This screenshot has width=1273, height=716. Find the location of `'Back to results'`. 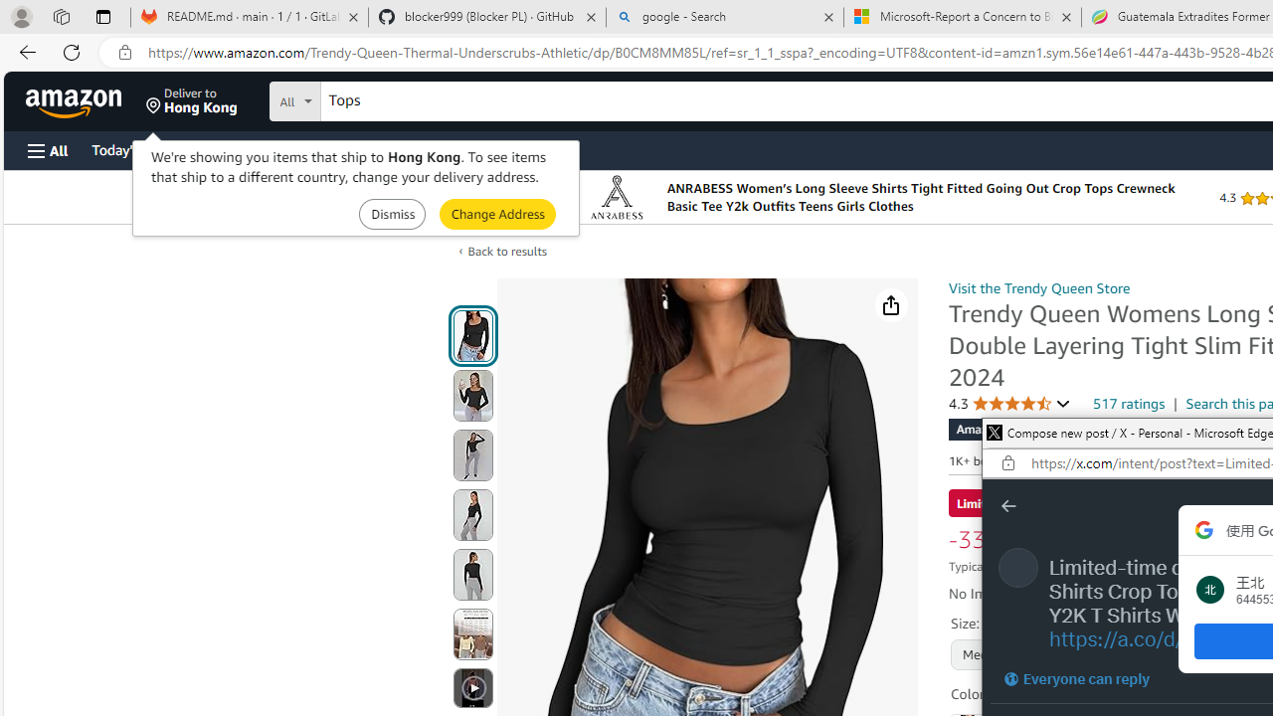

'Back to results' is located at coordinates (507, 251).